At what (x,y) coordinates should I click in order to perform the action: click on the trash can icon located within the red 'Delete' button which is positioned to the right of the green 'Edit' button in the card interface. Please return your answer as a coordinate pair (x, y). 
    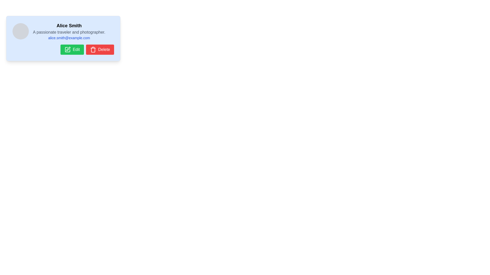
    Looking at the image, I should click on (93, 50).